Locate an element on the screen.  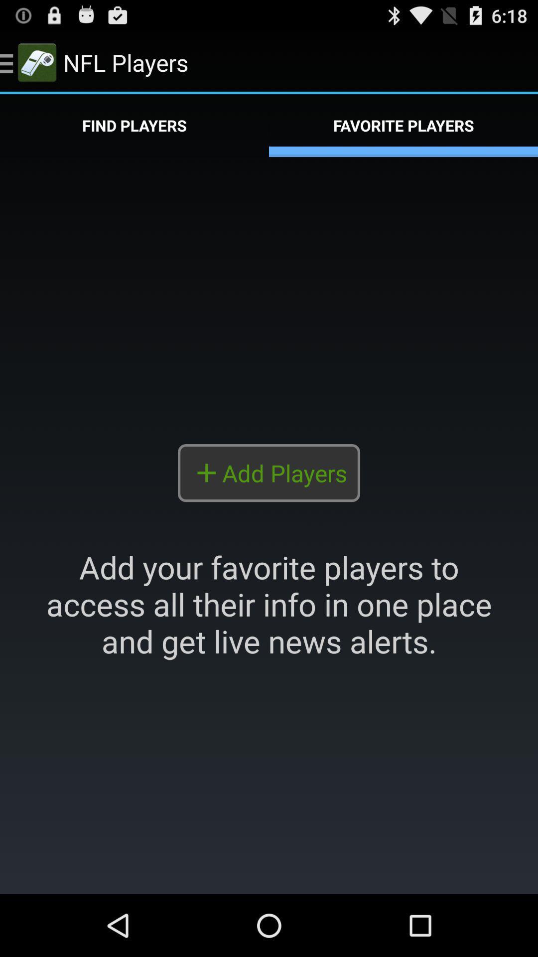
the icon to the left of the favorite players icon is located at coordinates (134, 125).